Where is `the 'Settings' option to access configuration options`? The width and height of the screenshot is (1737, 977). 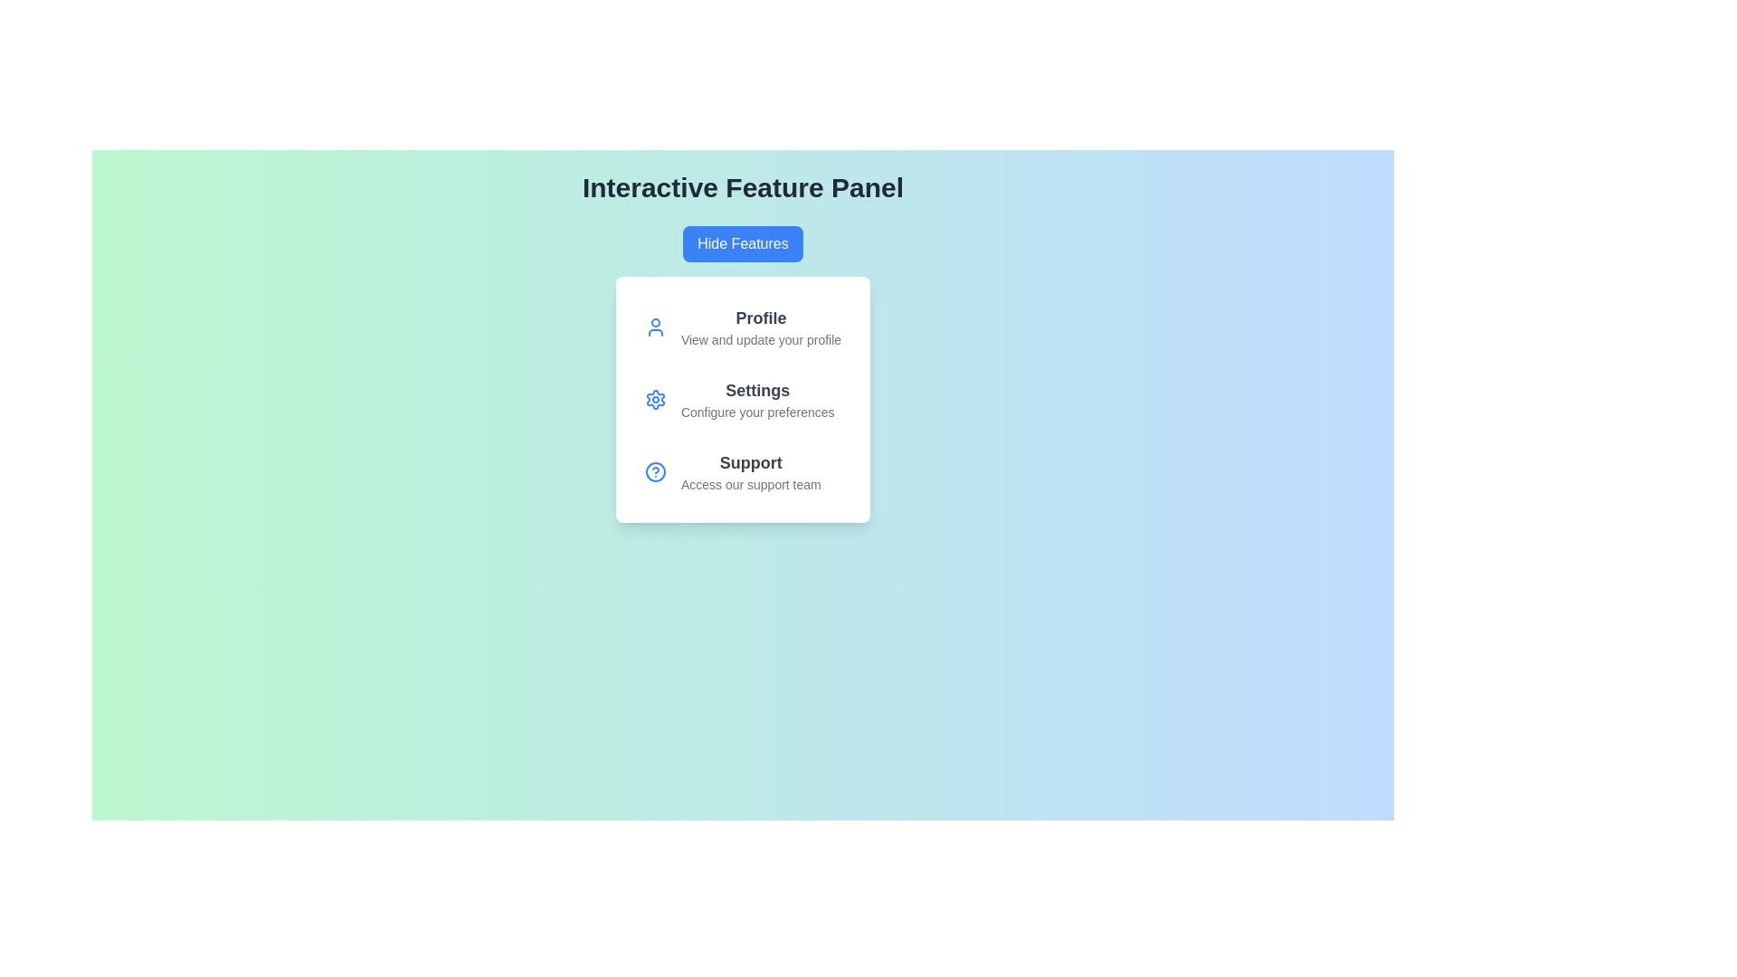 the 'Settings' option to access configuration options is located at coordinates (743, 399).